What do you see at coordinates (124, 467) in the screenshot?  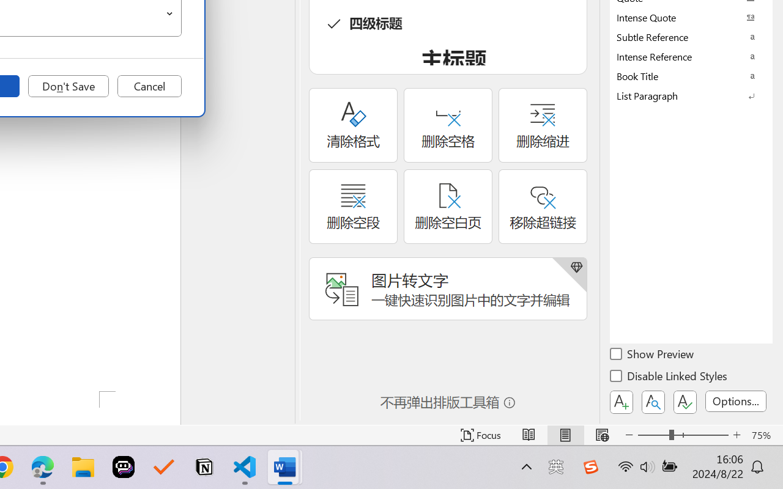 I see `'Poe'` at bounding box center [124, 467].